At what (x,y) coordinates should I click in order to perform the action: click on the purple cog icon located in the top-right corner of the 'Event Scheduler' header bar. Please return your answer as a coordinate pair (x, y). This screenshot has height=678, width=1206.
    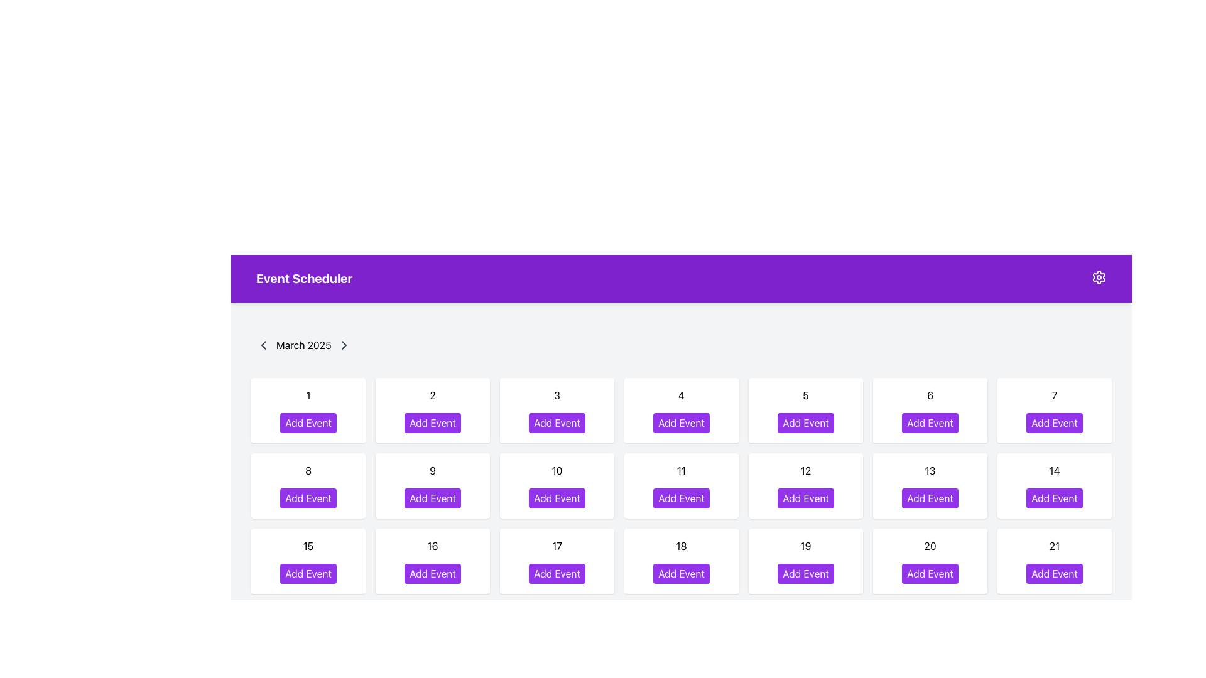
    Looking at the image, I should click on (1099, 277).